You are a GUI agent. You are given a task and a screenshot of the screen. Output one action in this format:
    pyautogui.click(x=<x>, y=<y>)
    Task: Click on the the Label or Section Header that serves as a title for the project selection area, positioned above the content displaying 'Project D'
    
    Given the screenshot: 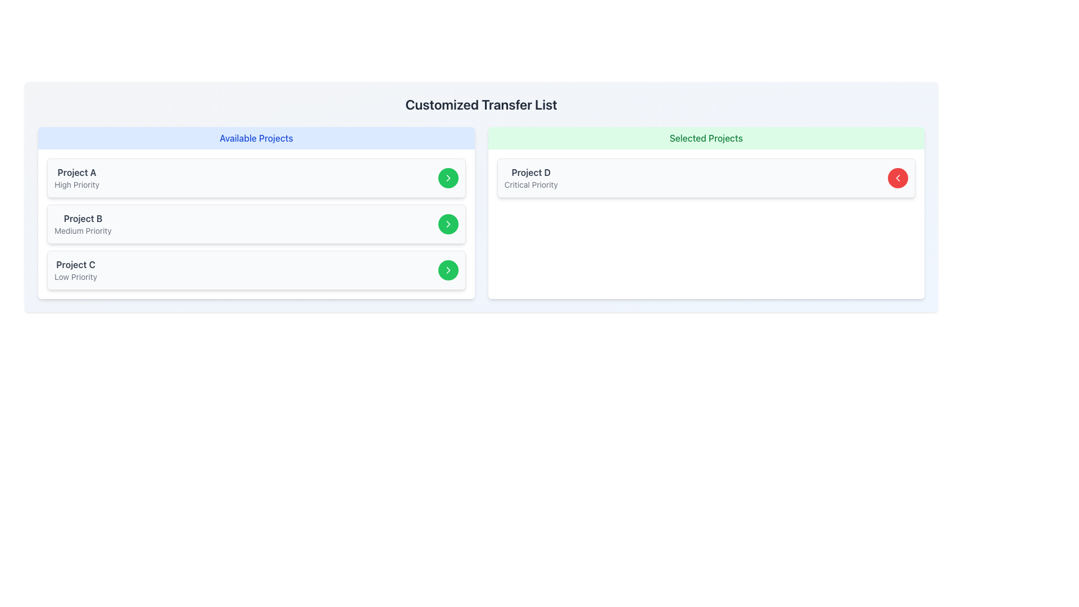 What is the action you would take?
    pyautogui.click(x=705, y=138)
    